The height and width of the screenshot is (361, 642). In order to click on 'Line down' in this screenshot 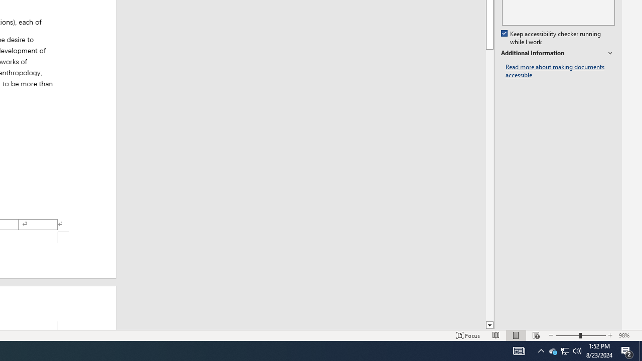, I will do `click(490, 325)`.